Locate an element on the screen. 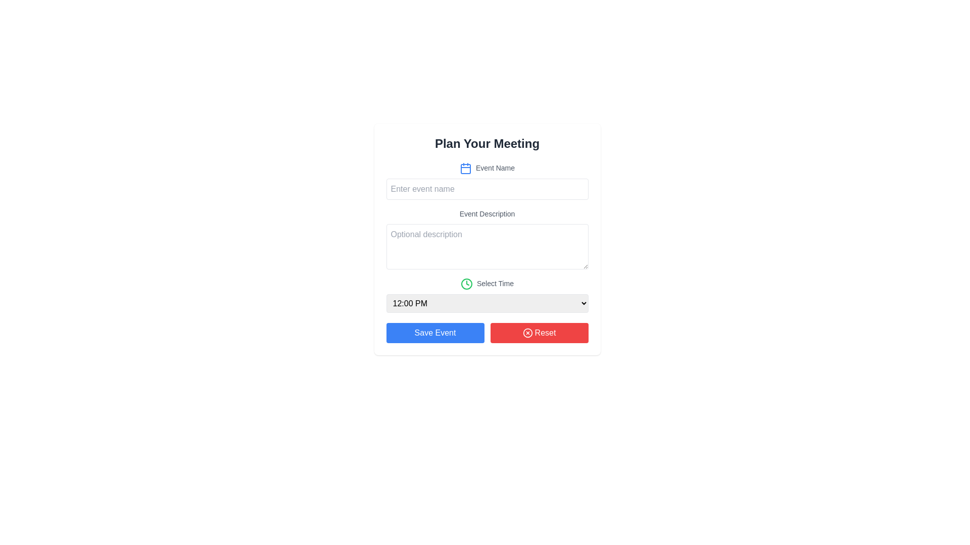 The image size is (970, 545). the green circular outline SVG element that resembles a clock face, located next to the 'Select Time' label above the dropdown selector for time input is located at coordinates (466, 284).